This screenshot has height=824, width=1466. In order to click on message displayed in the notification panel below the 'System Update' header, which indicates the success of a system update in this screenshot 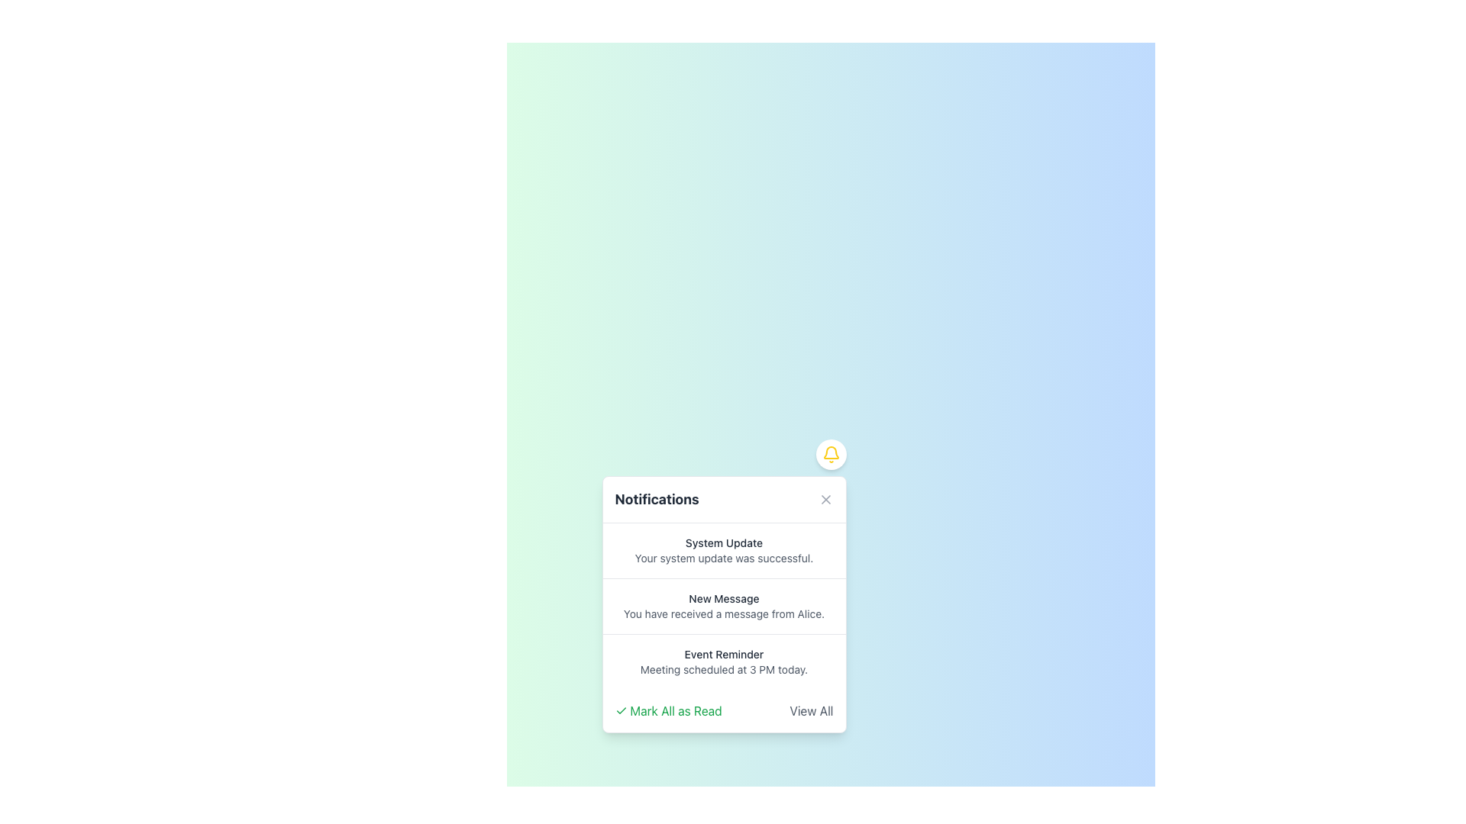, I will do `click(723, 558)`.